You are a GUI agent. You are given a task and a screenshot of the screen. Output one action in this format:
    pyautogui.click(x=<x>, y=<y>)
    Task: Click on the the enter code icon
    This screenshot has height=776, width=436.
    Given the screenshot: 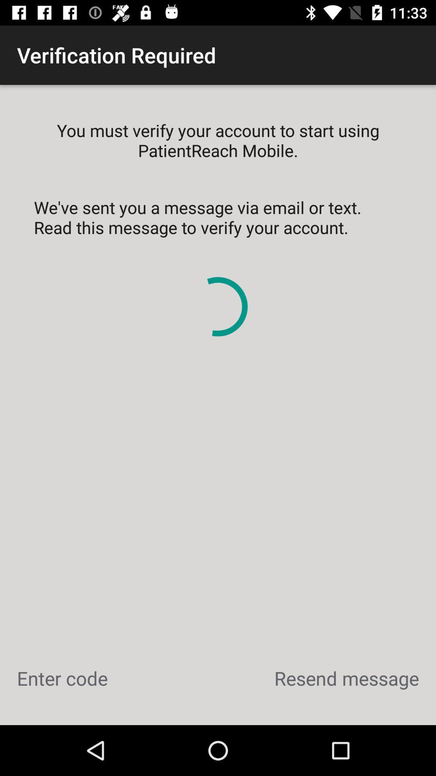 What is the action you would take?
    pyautogui.click(x=62, y=678)
    